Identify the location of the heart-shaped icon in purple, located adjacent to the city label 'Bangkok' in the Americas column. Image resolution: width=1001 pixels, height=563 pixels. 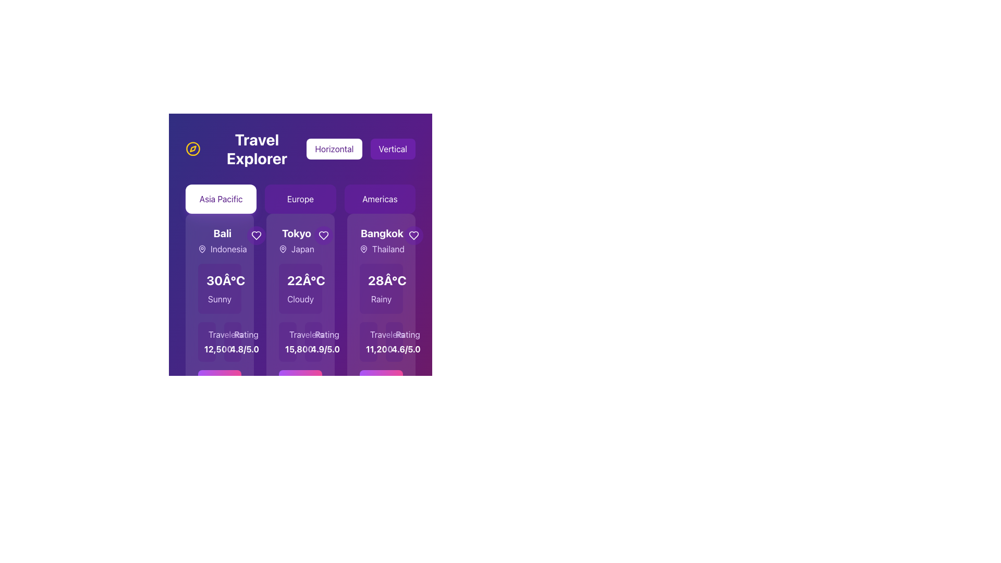
(413, 235).